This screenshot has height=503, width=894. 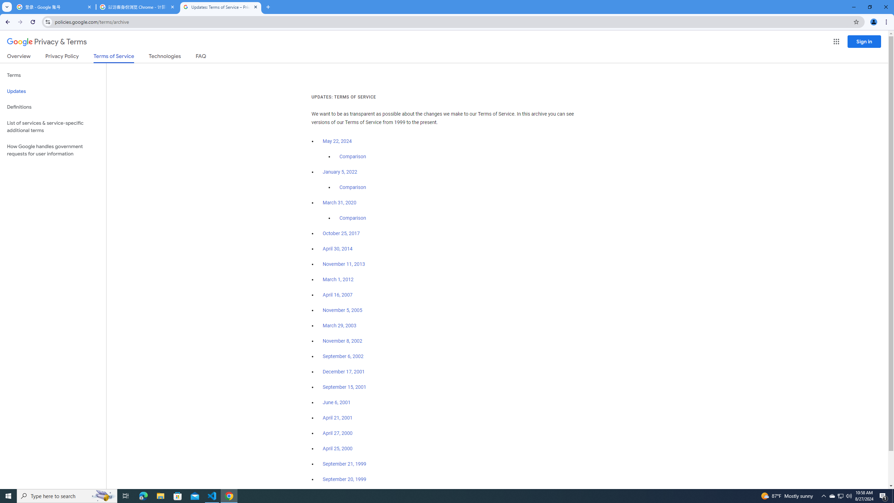 What do you see at coordinates (337, 417) in the screenshot?
I see `'April 21, 2001'` at bounding box center [337, 417].